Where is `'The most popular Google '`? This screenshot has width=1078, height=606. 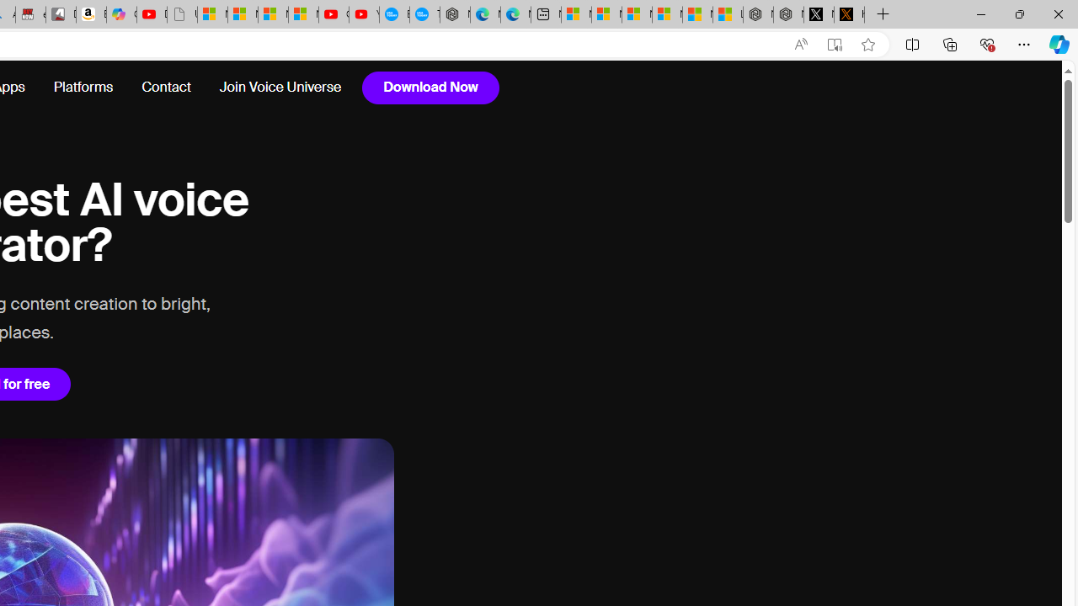
'The most popular Google ' is located at coordinates (424, 14).